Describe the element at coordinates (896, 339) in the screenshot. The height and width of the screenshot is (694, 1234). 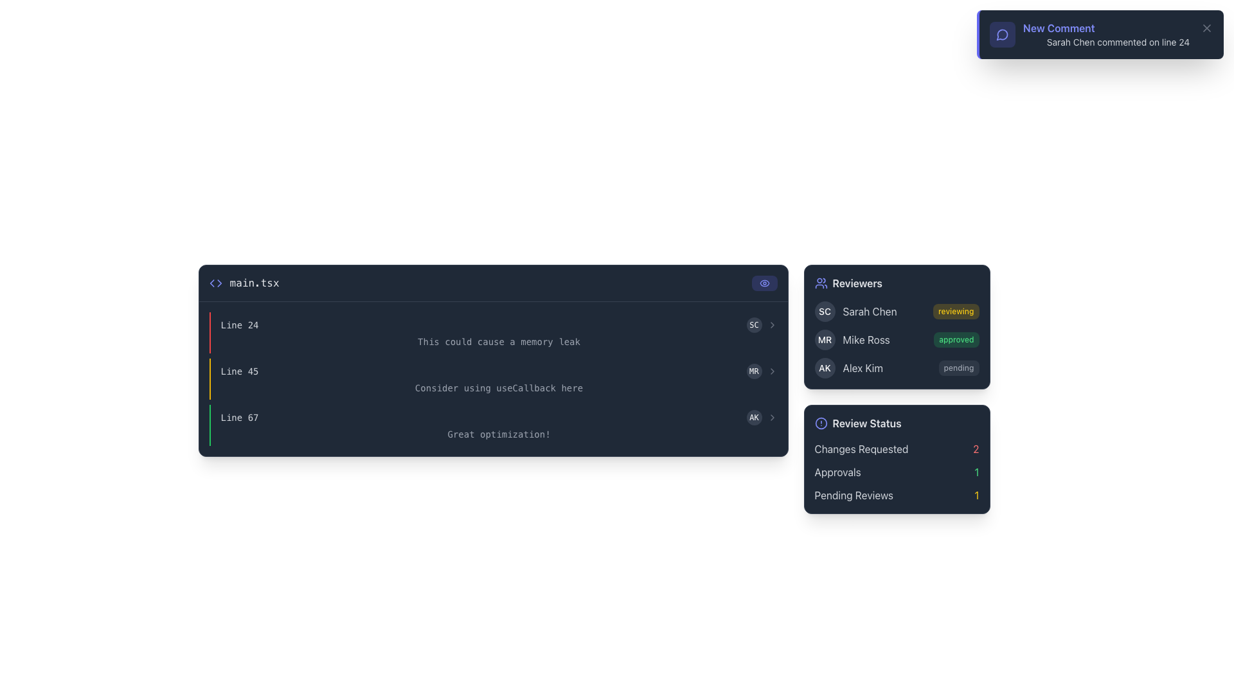
I see `the name 'Mike Ross' in the second list item of the 'Reviewers' panel` at that location.